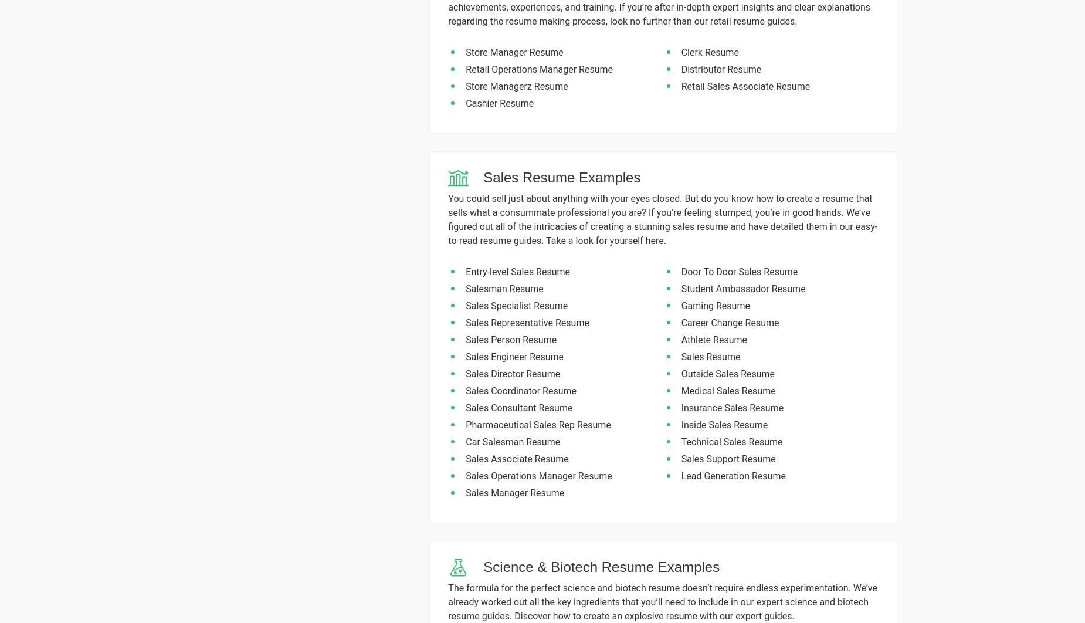 This screenshot has width=1085, height=623. Describe the element at coordinates (680, 271) in the screenshot. I see `'Door To Door Sales Resume'` at that location.